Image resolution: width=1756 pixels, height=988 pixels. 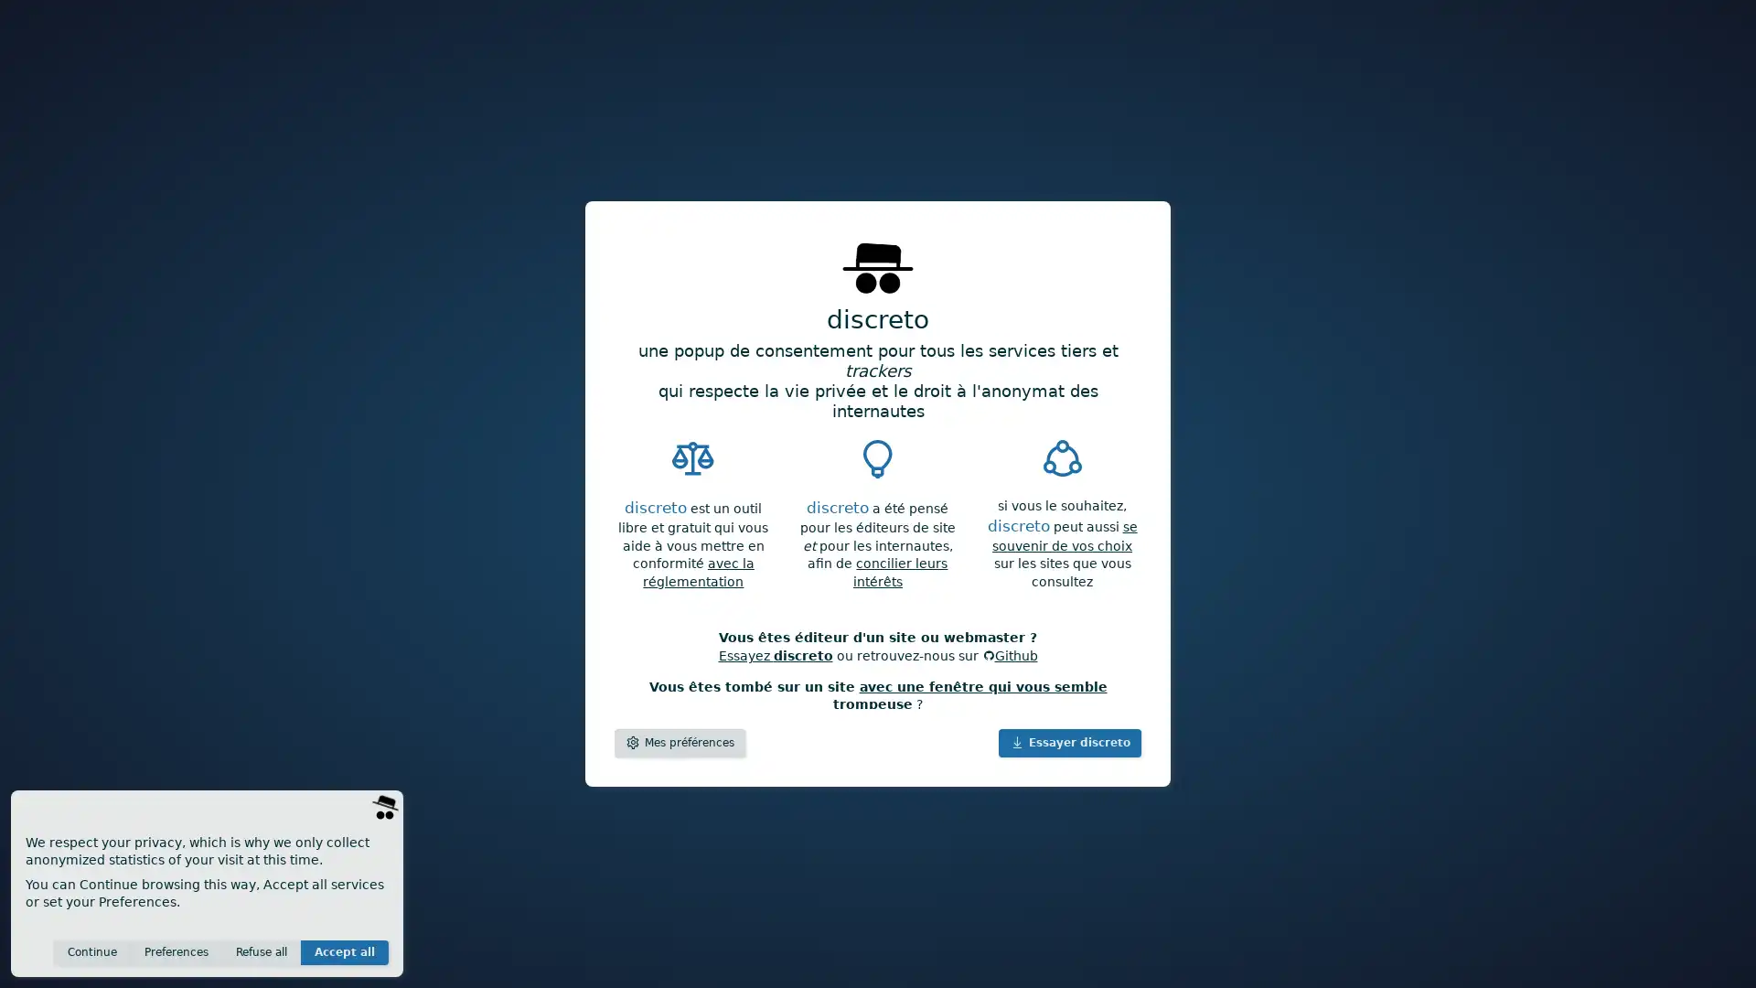 I want to click on Save, so click(x=359, y=959).